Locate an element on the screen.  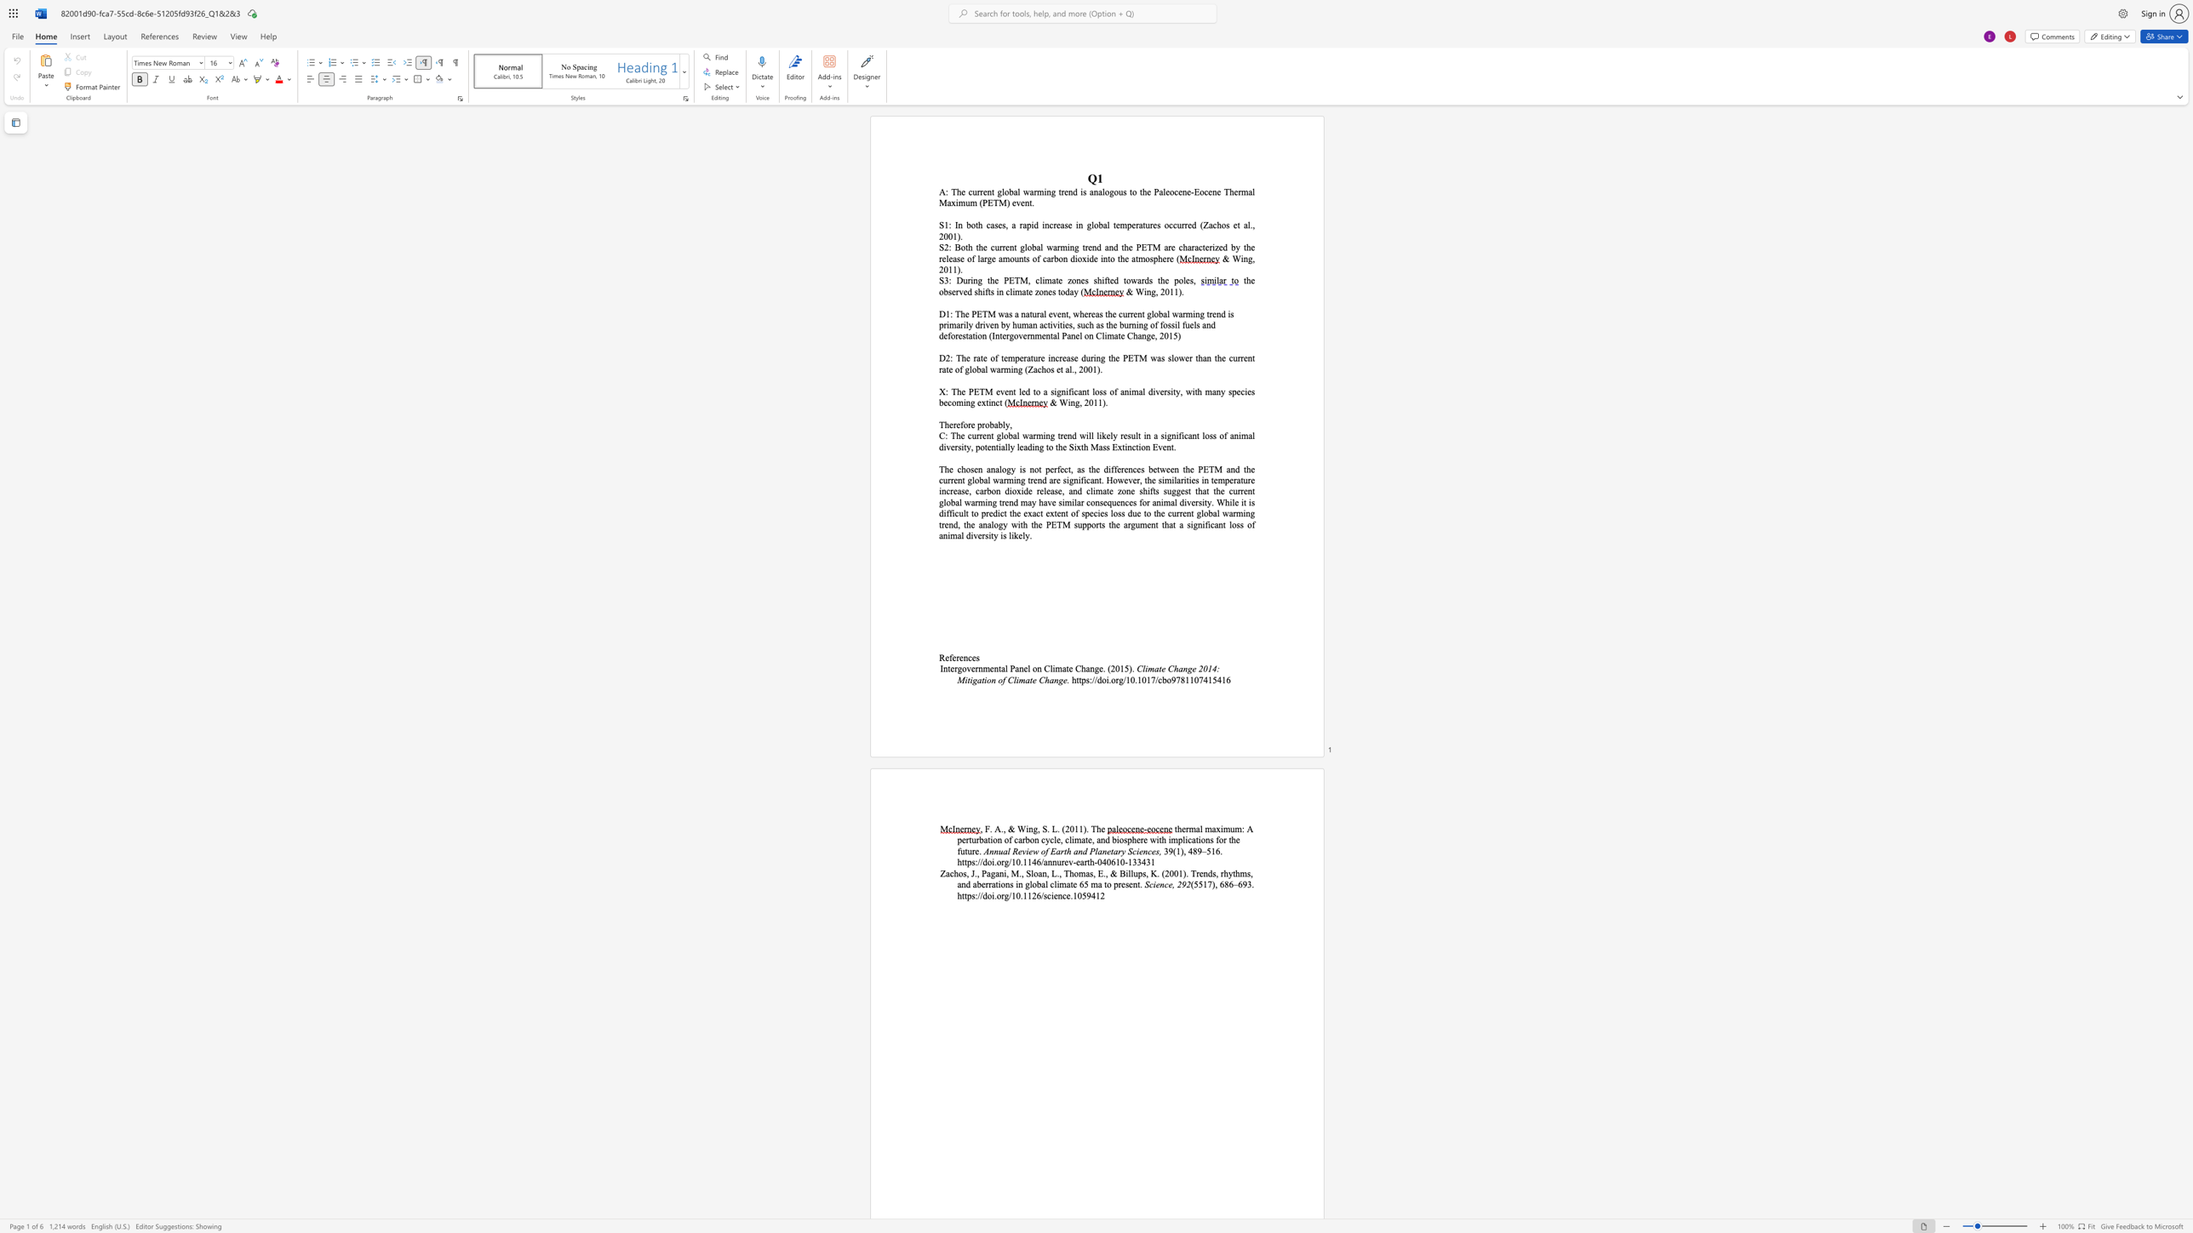
the subset text "the PETM, clima" within the text "S3: During the PETM, climate zones shifted towards the poles," is located at coordinates (987, 279).